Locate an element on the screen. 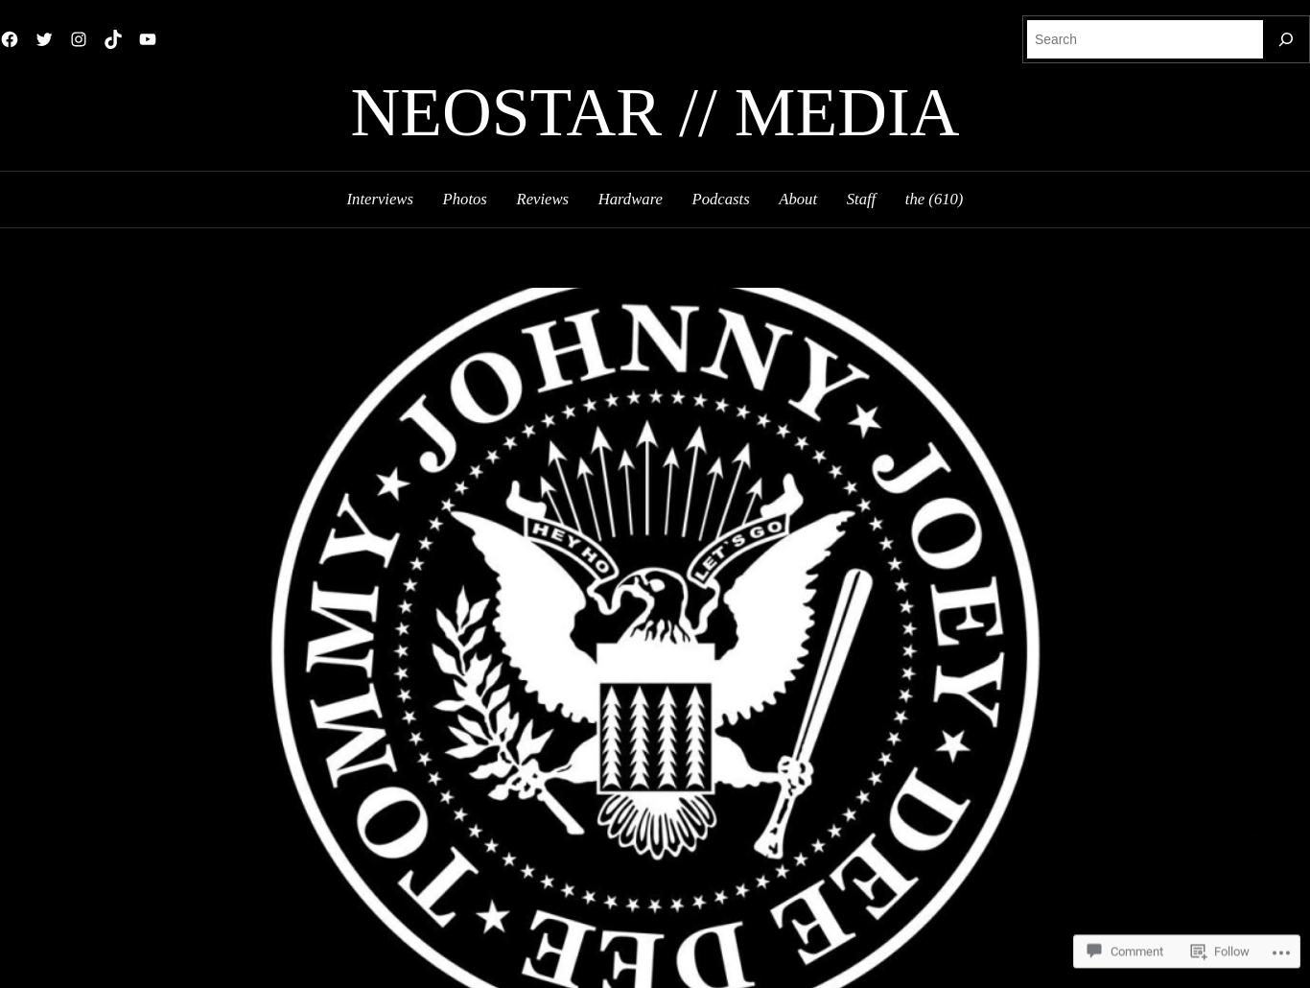 This screenshot has width=1310, height=988. 'Photos' is located at coordinates (463, 198).